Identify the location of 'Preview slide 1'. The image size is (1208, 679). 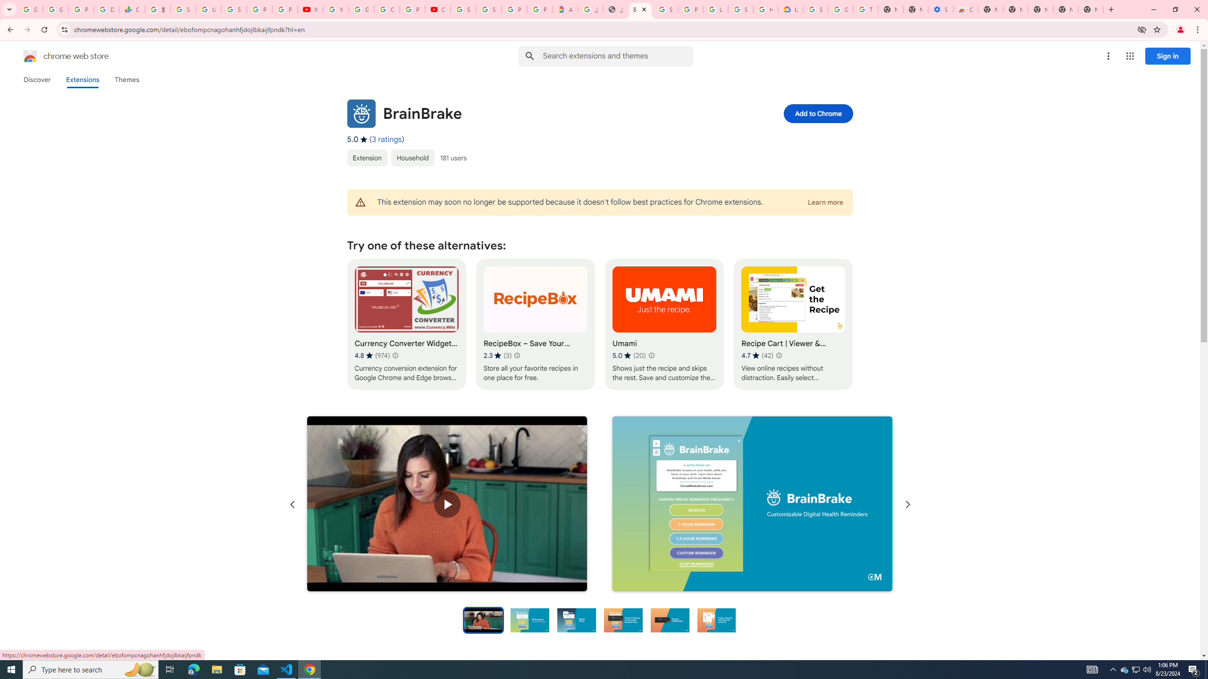
(483, 619).